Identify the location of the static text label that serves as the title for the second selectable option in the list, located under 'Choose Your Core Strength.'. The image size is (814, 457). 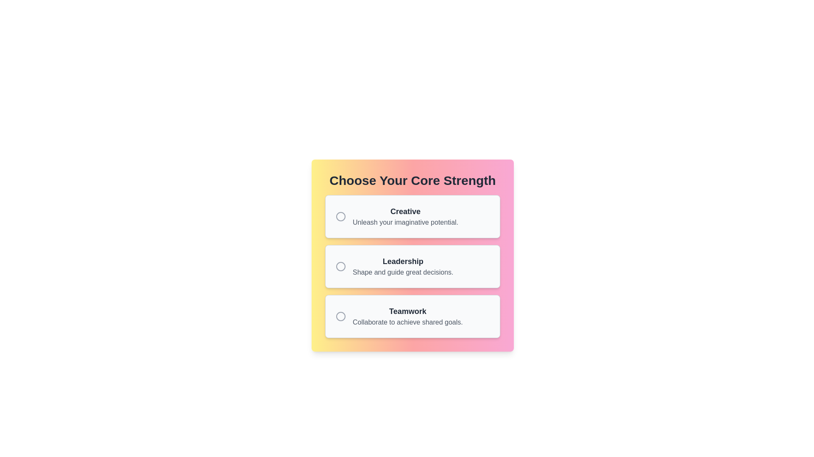
(402, 261).